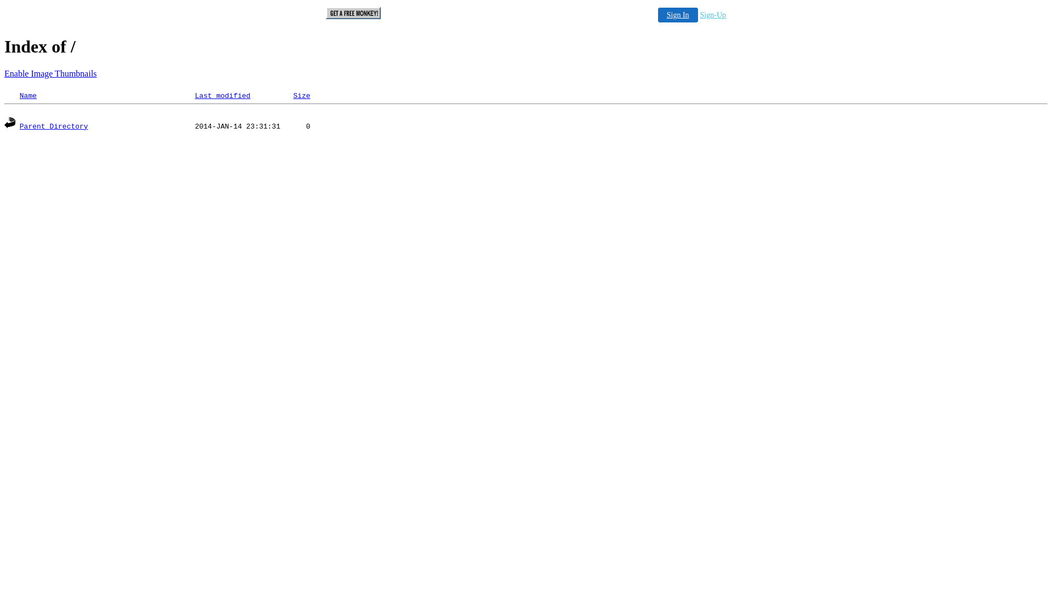  Describe the element at coordinates (677, 15) in the screenshot. I see `'Sign In'` at that location.